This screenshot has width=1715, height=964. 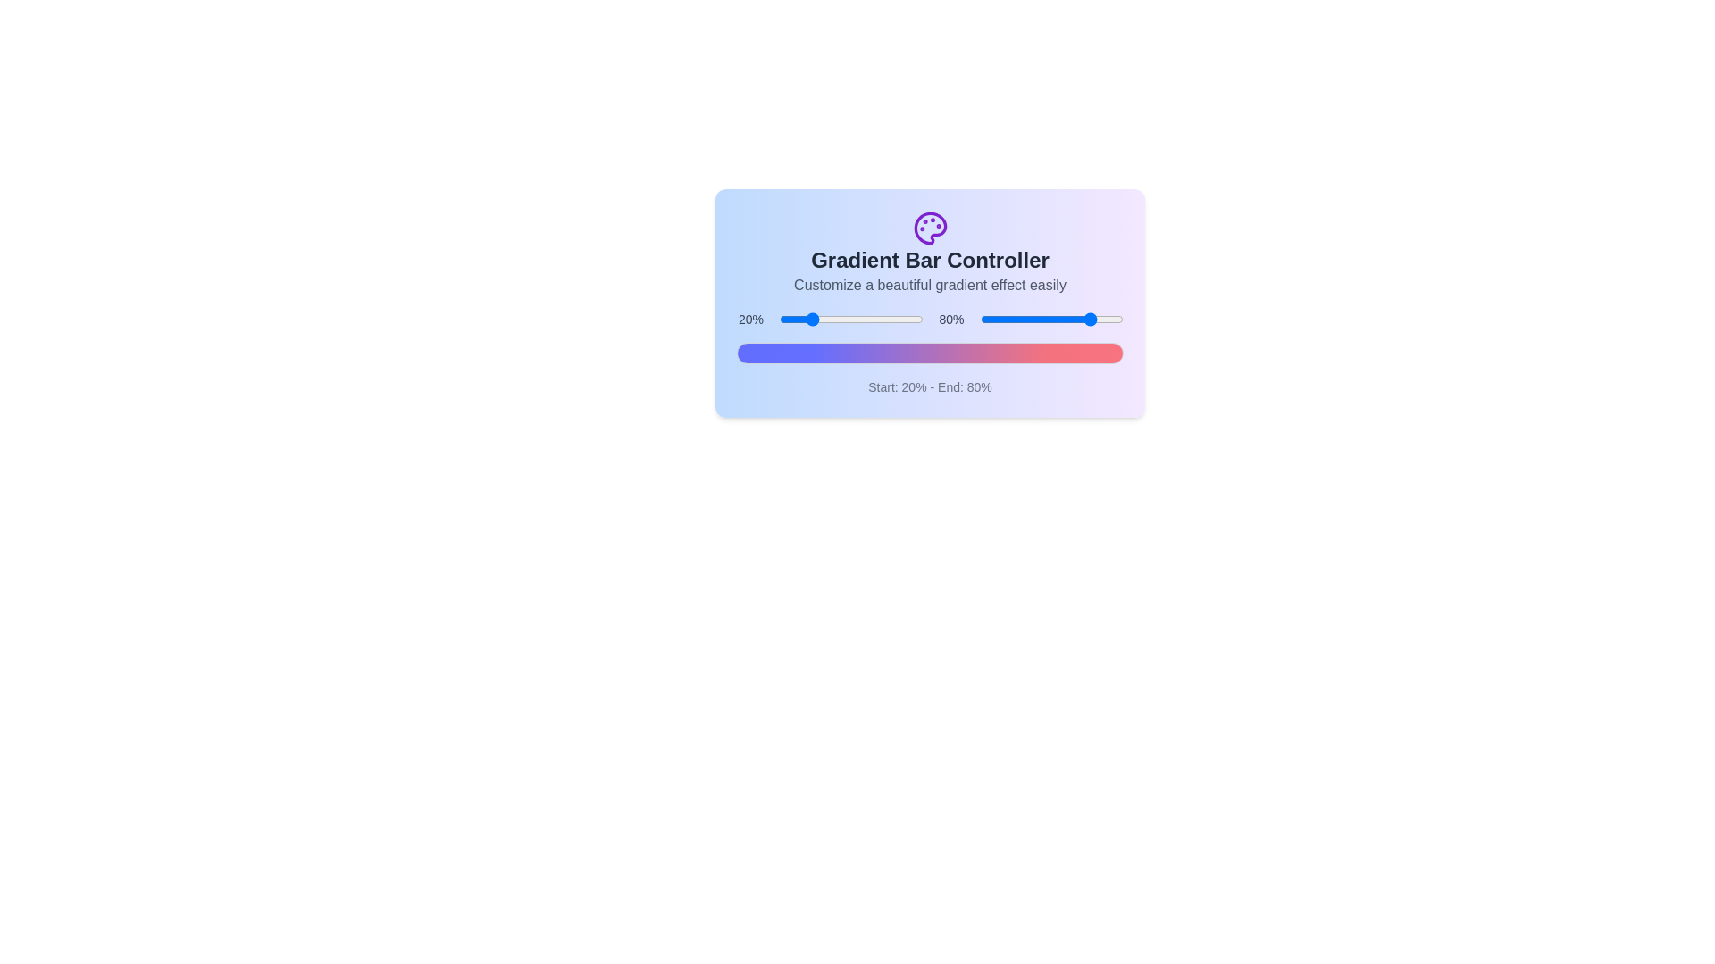 What do you see at coordinates (786, 319) in the screenshot?
I see `the start percentage slider to 5%` at bounding box center [786, 319].